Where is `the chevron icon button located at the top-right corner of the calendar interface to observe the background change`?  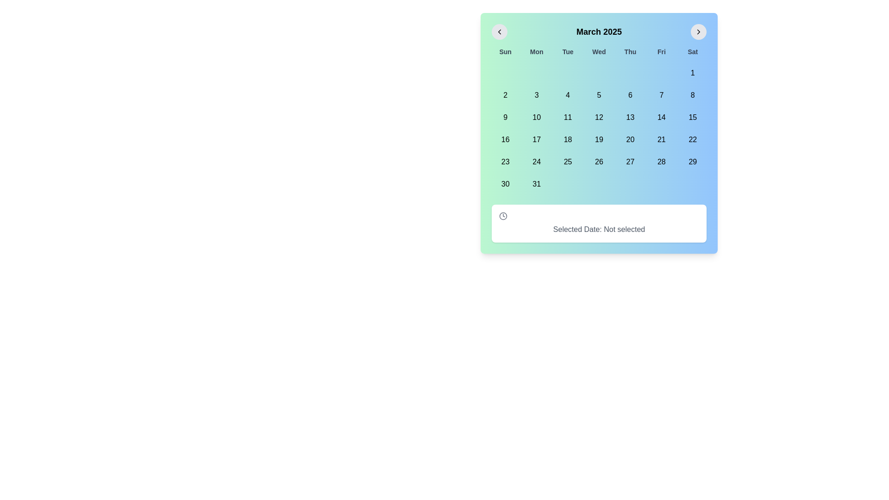
the chevron icon button located at the top-right corner of the calendar interface to observe the background change is located at coordinates (698, 31).